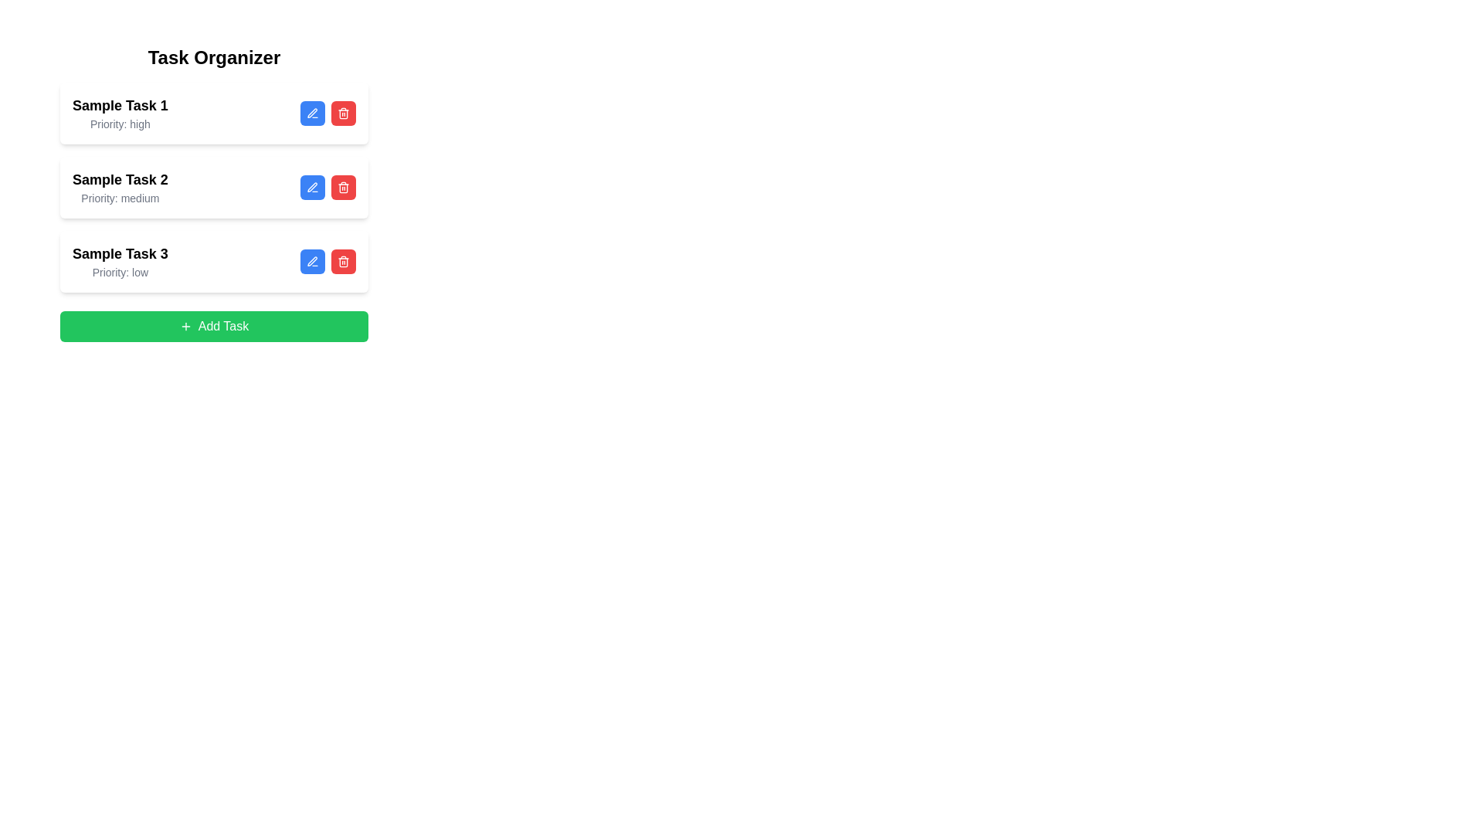 The width and height of the screenshot is (1483, 834). I want to click on the delete icon, which is the second button in the row of action buttons to the right of the 'Sample Task 2' task card, so click(343, 261).